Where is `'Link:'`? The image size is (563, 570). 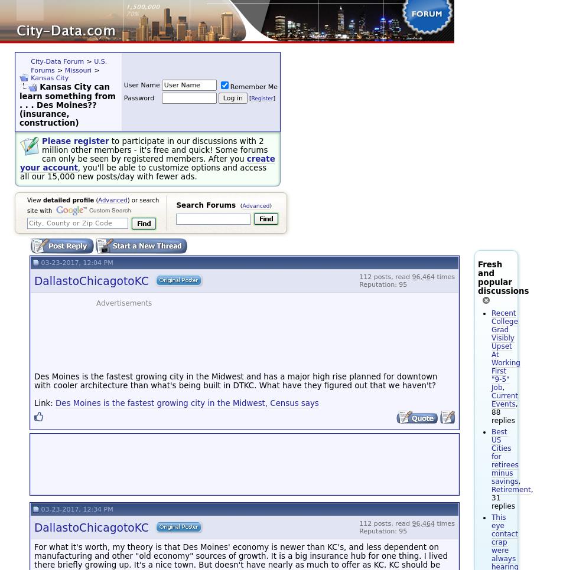
'Link:' is located at coordinates (44, 402).